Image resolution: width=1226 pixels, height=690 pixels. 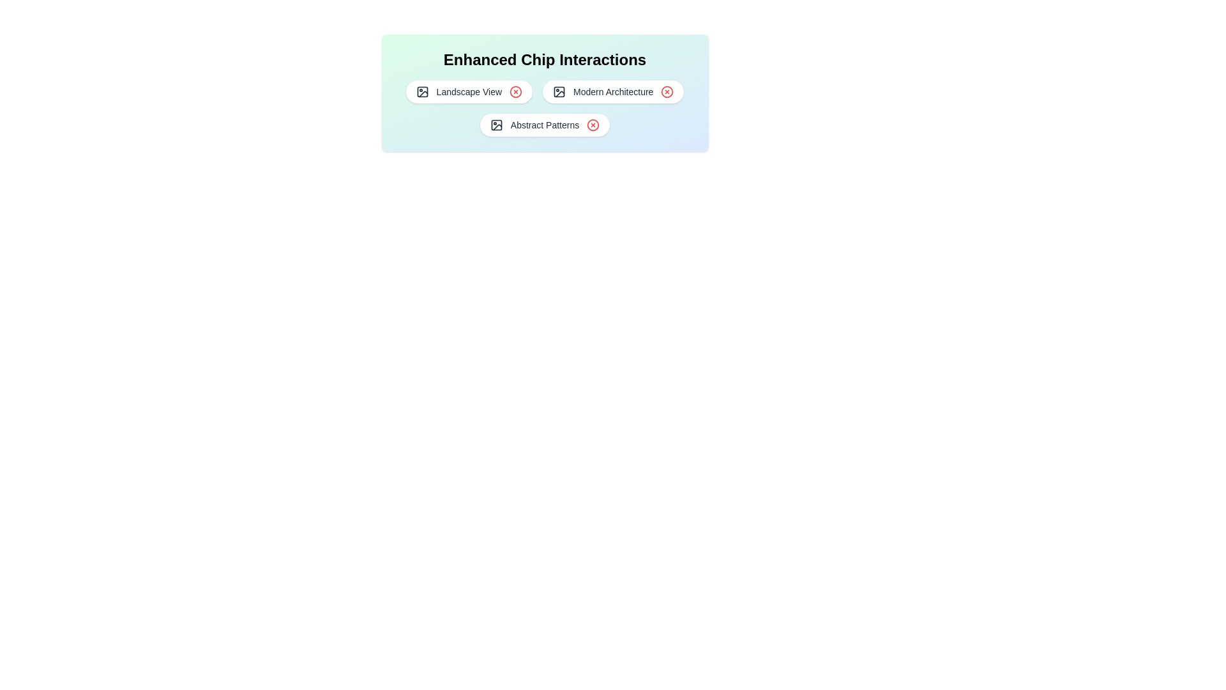 What do you see at coordinates (559, 91) in the screenshot?
I see `the icon of the chip labeled Modern Architecture` at bounding box center [559, 91].